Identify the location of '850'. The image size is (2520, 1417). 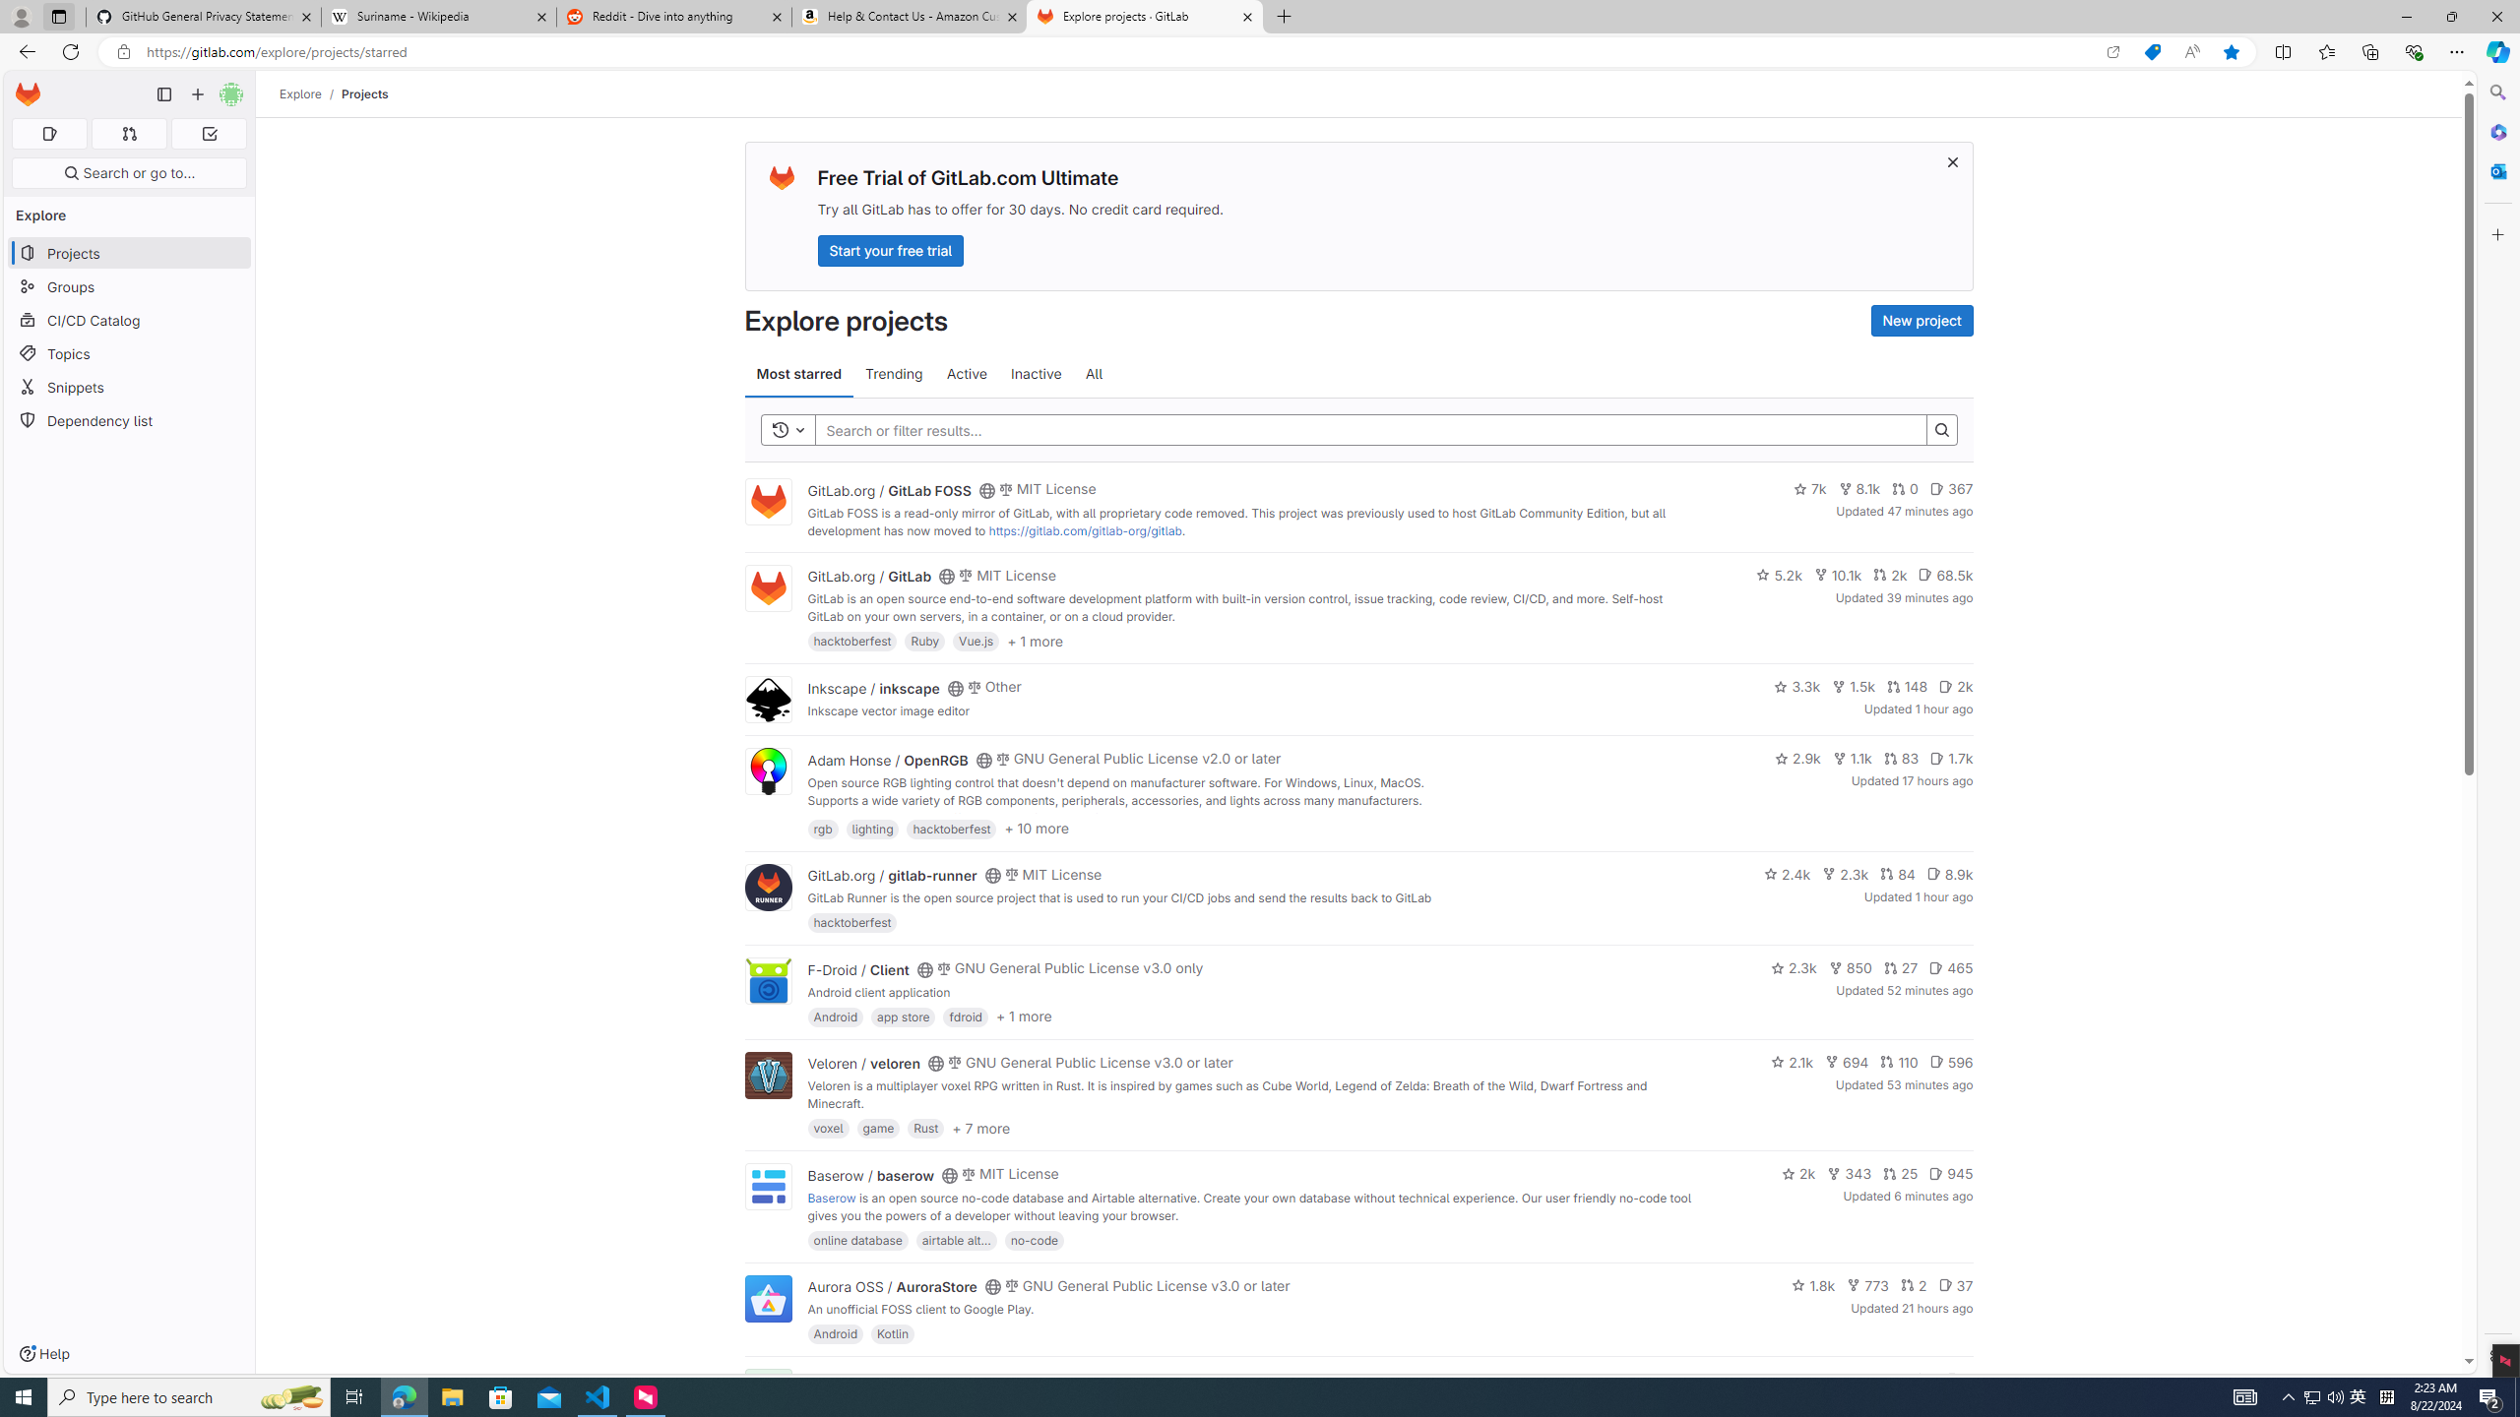
(1850, 968).